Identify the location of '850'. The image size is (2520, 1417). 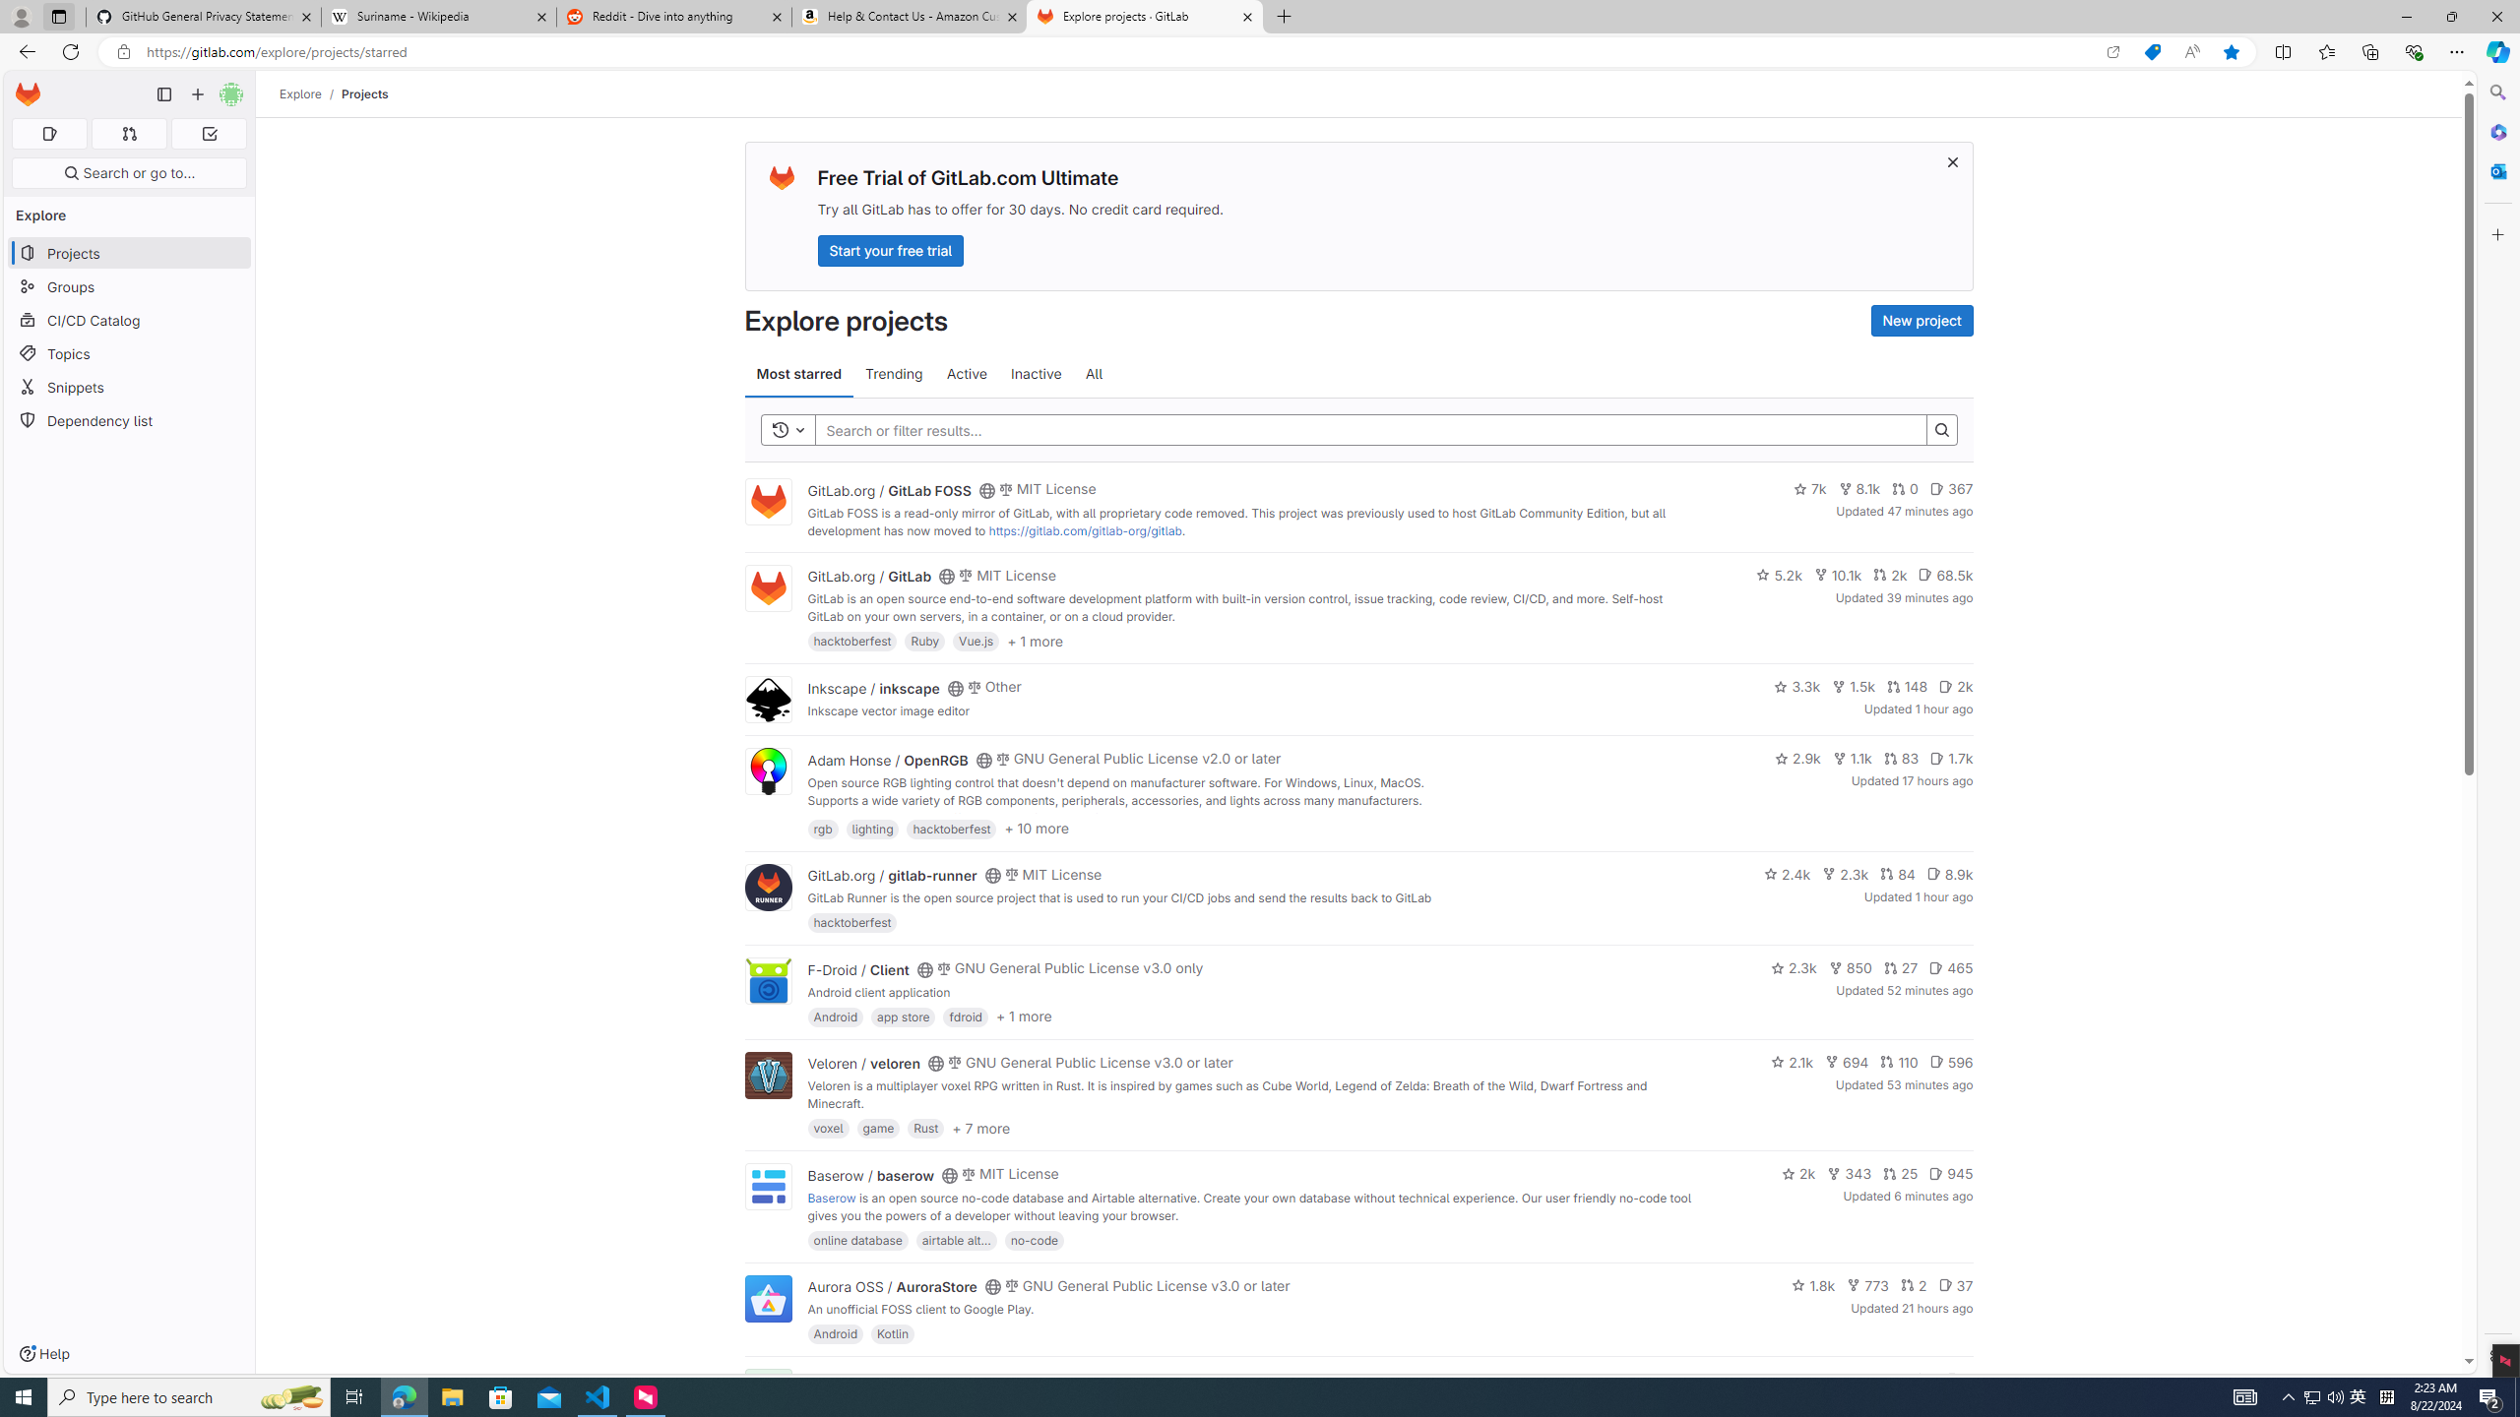
(1850, 968).